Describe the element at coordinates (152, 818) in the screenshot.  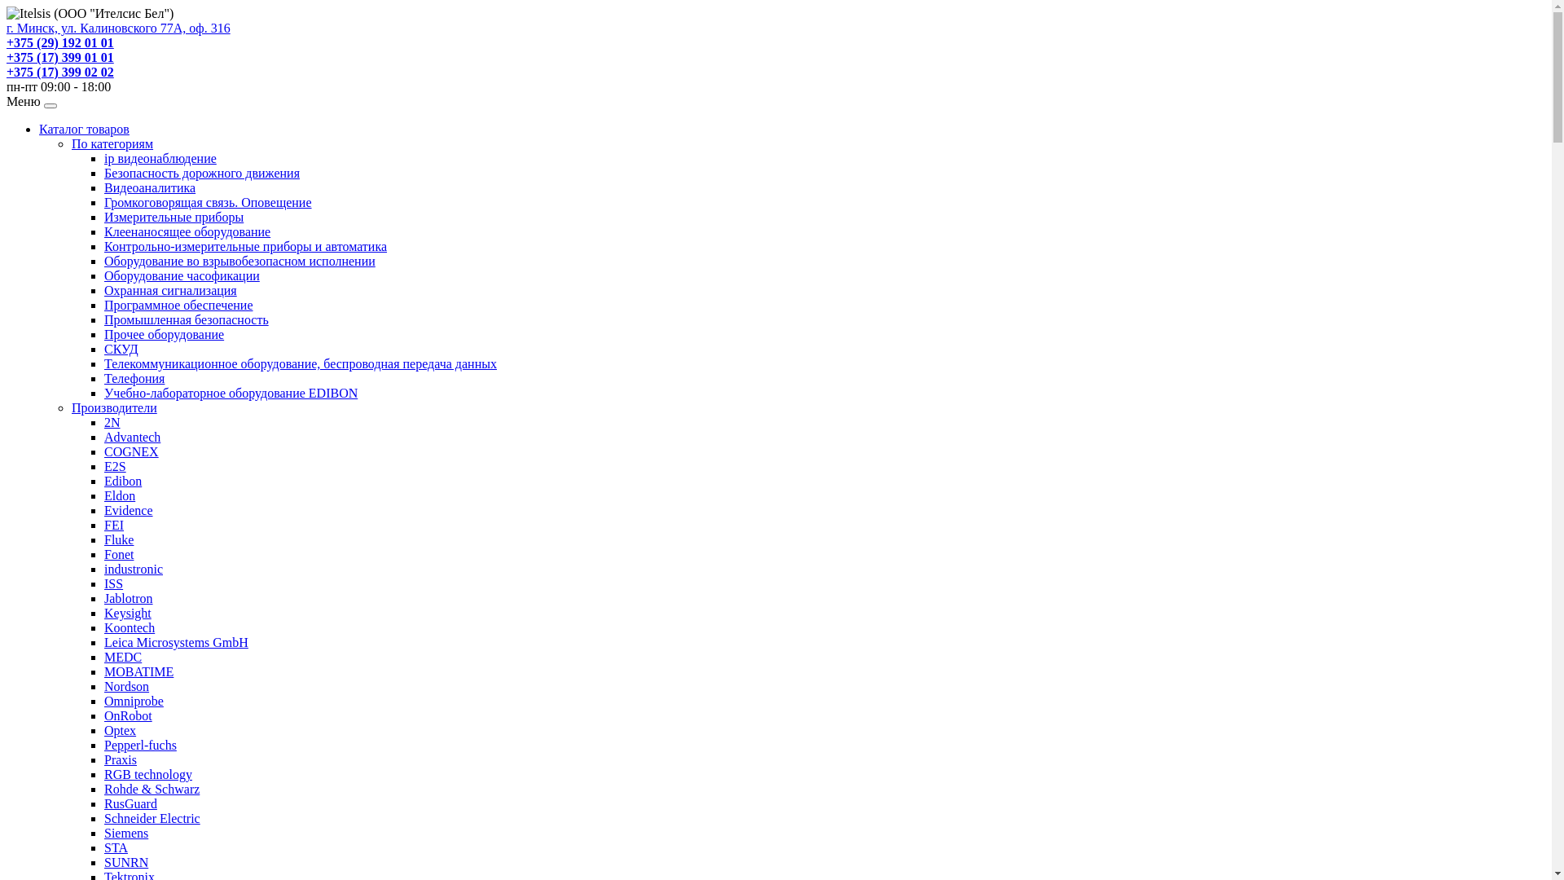
I see `'Schneider Electric'` at that location.